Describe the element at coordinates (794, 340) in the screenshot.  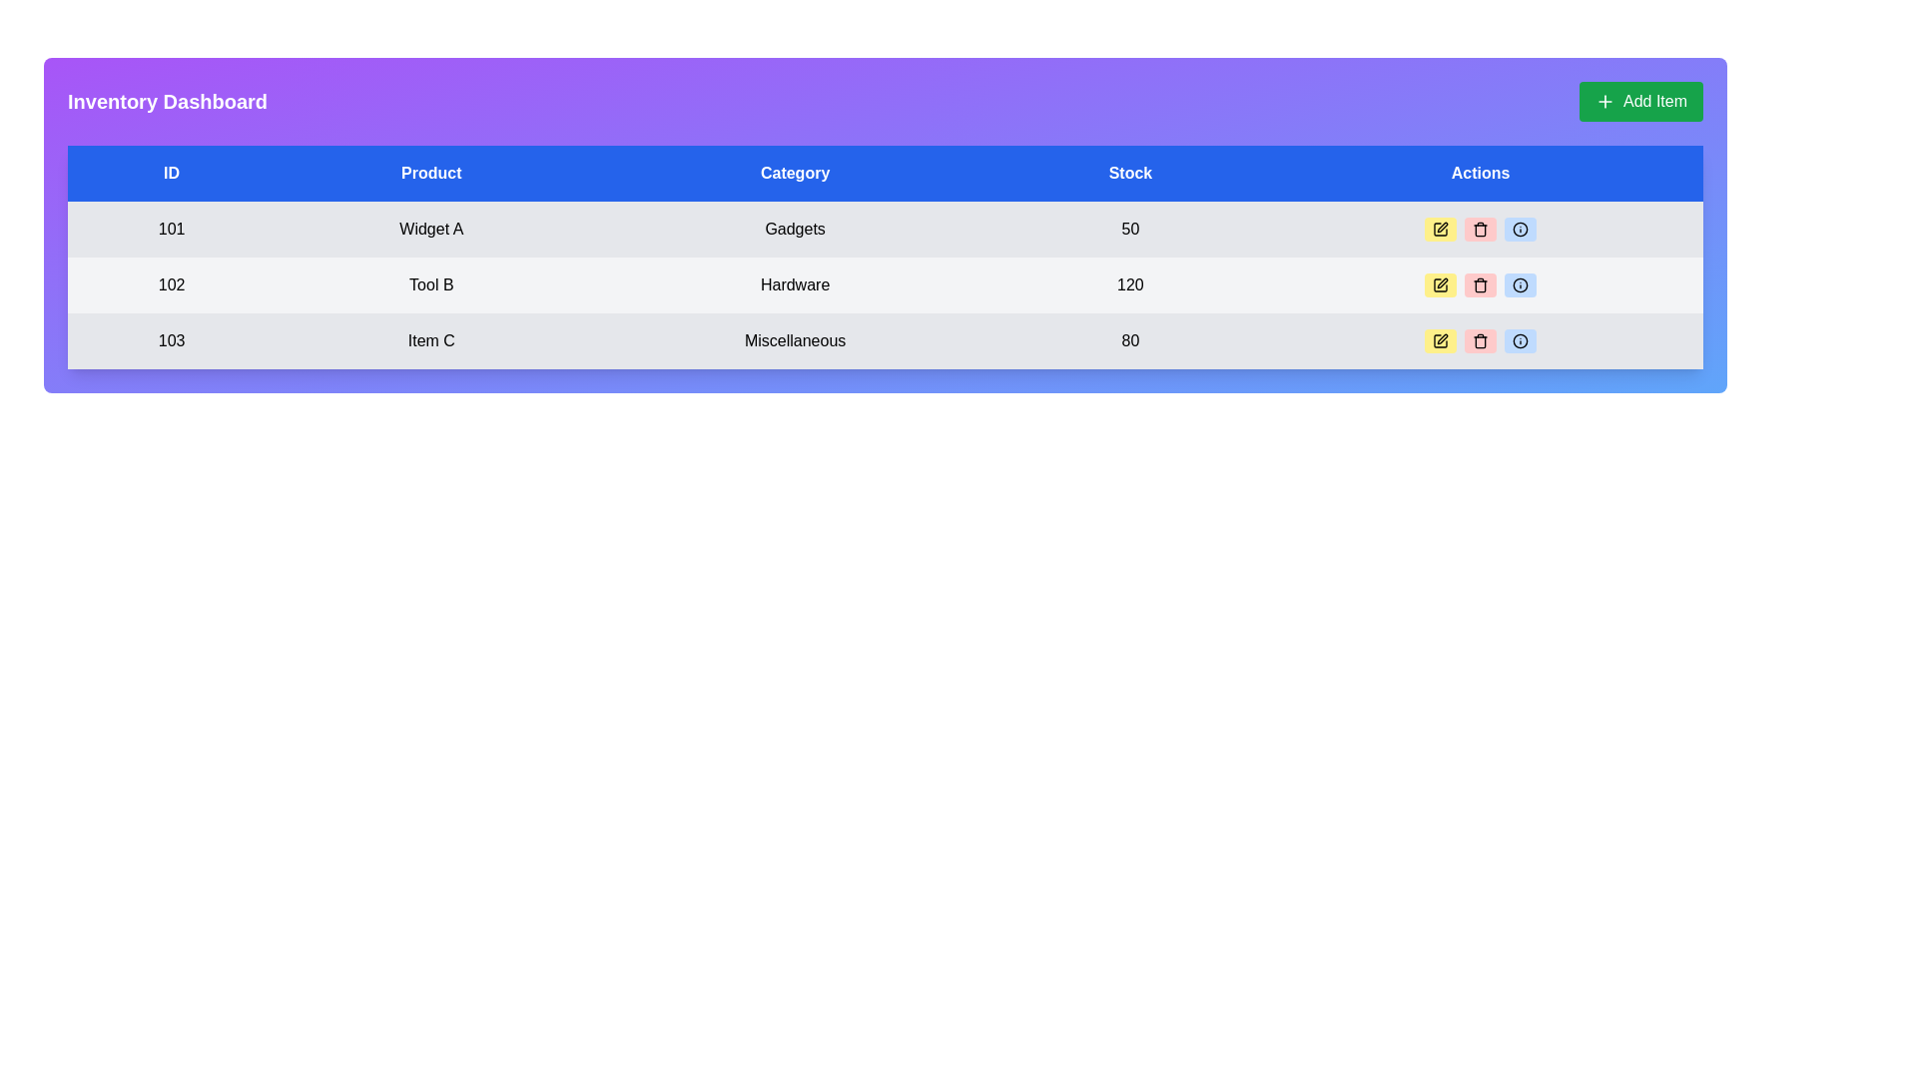
I see `the Text display field labeled 'Miscellaneous' in the third row and third column of the data table` at that location.